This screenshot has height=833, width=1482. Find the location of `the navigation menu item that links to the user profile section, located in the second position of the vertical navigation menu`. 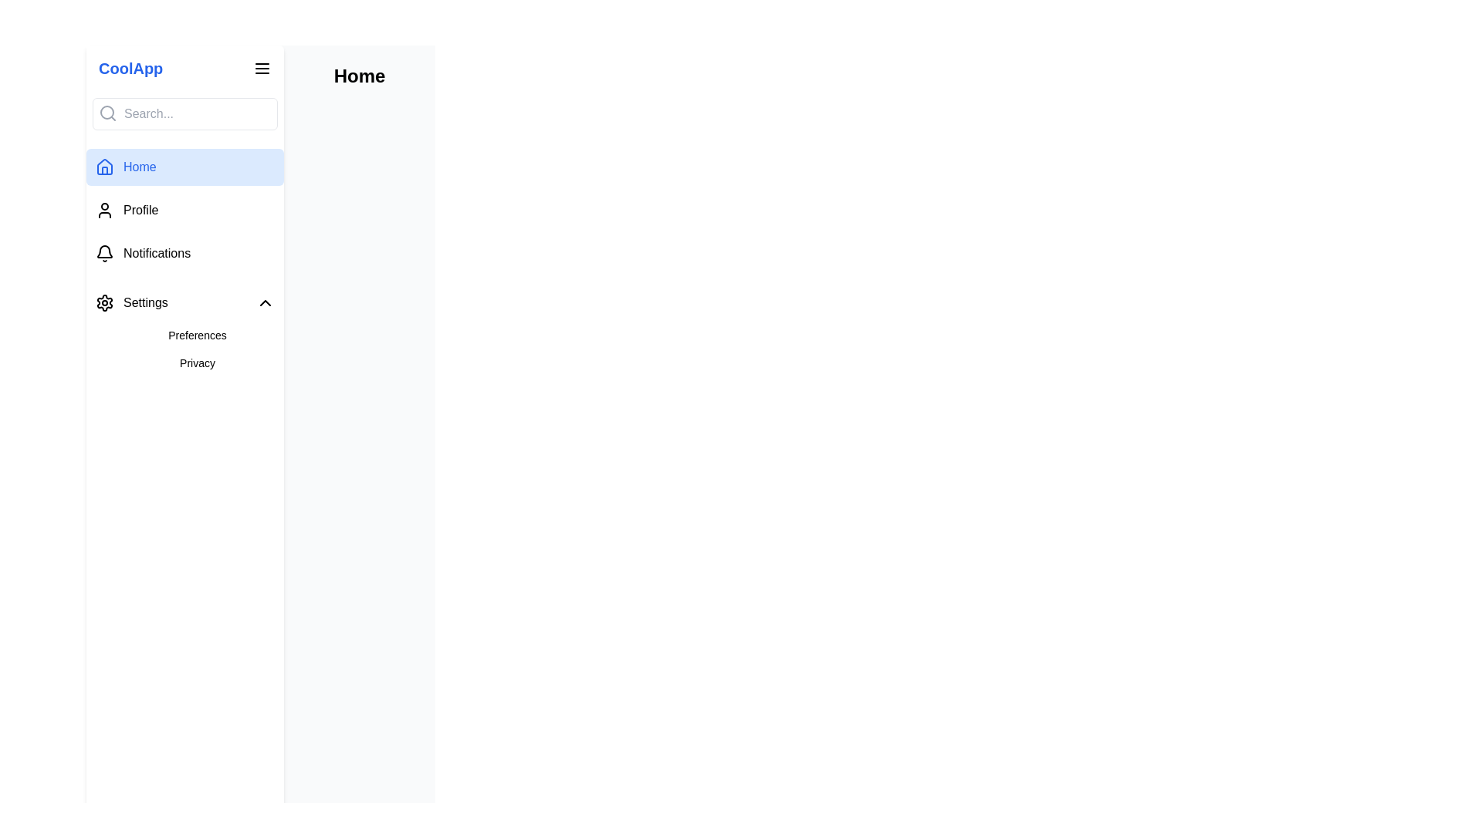

the navigation menu item that links to the user profile section, located in the second position of the vertical navigation menu is located at coordinates (185, 211).